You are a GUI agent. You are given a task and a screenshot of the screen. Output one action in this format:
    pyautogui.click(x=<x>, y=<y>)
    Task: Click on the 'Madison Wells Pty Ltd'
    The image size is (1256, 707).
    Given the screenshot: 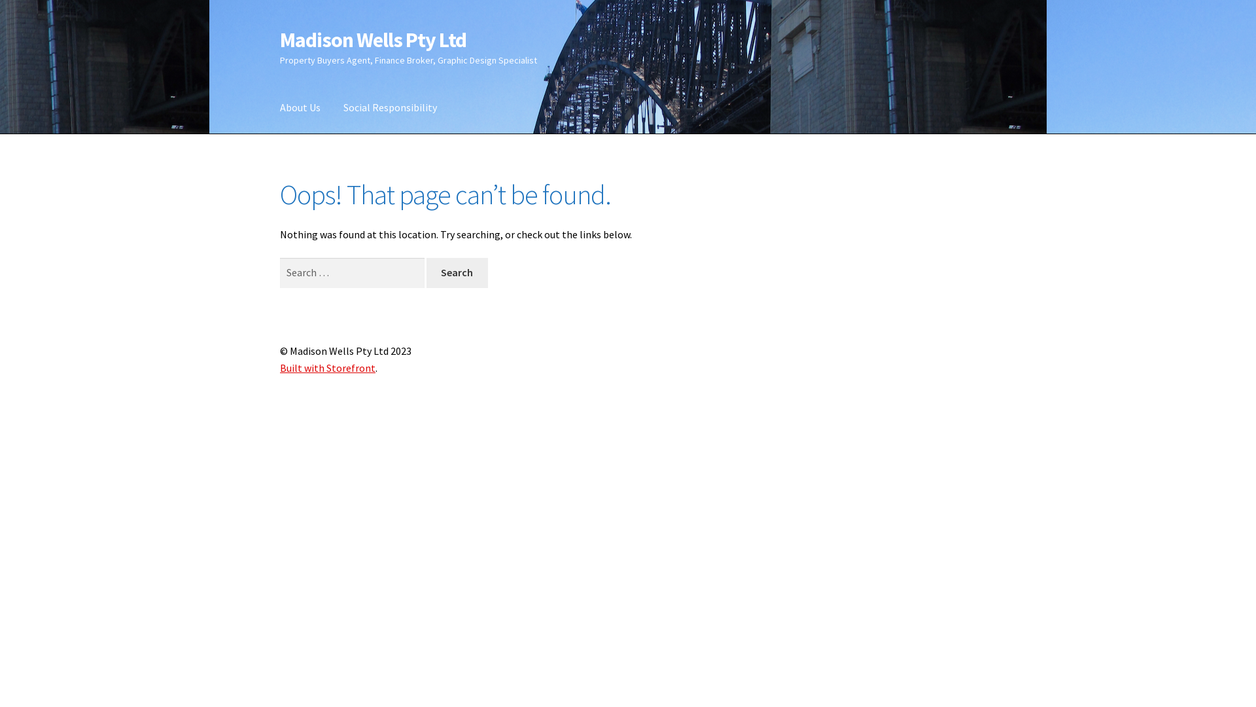 What is the action you would take?
    pyautogui.click(x=372, y=39)
    